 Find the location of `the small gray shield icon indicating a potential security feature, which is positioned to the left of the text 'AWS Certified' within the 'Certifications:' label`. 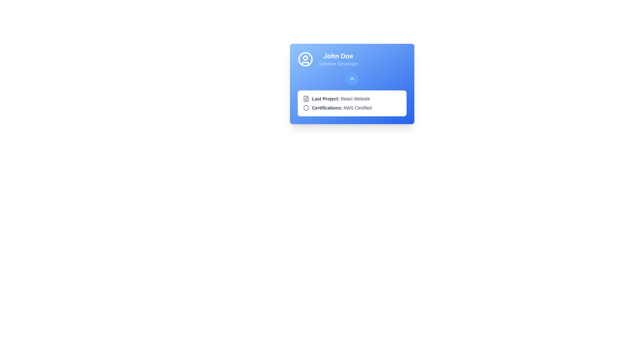

the small gray shield icon indicating a potential security feature, which is positioned to the left of the text 'AWS Certified' within the 'Certifications:' label is located at coordinates (306, 107).